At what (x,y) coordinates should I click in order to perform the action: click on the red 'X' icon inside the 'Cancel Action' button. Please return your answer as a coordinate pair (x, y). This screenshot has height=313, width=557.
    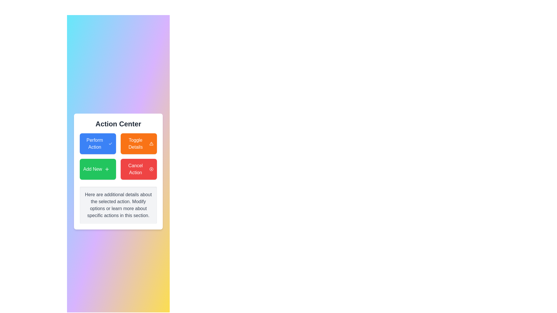
    Looking at the image, I should click on (151, 169).